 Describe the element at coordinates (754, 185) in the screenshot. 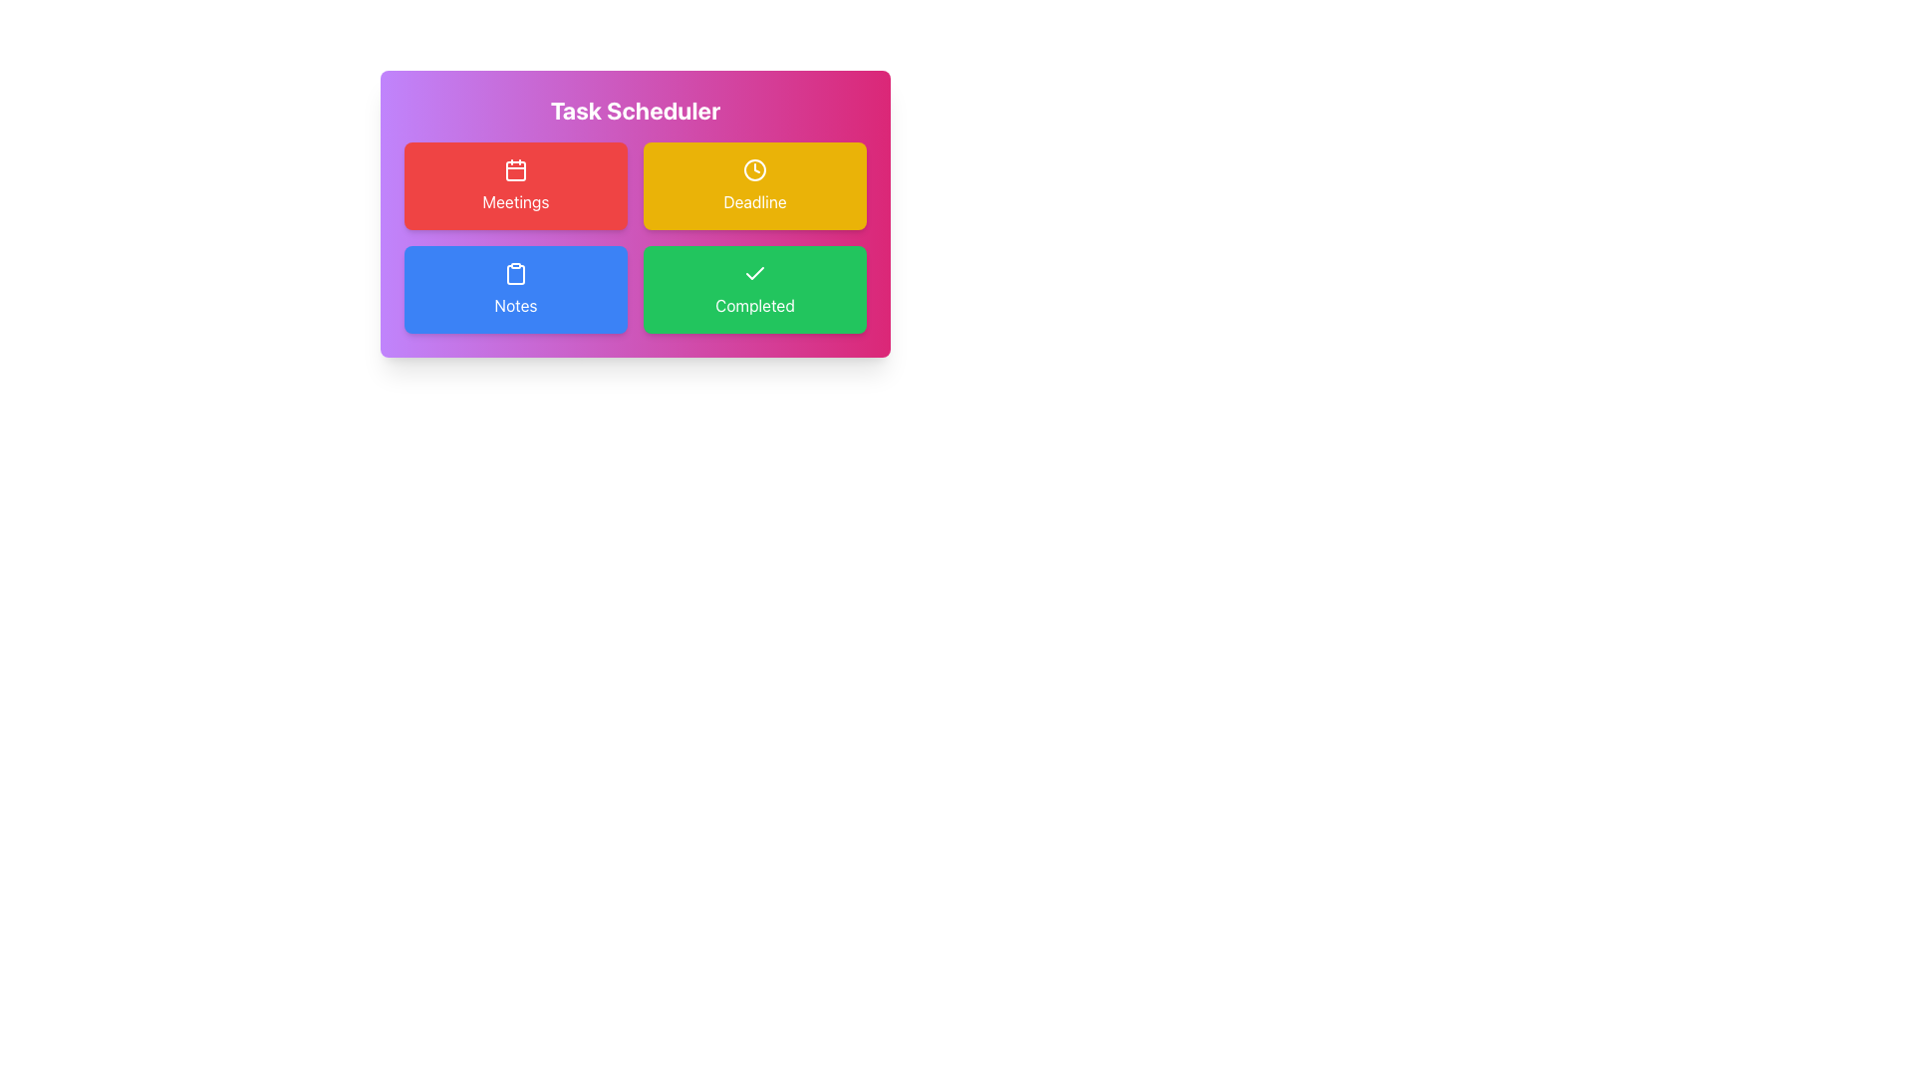

I see `the deadline-related button in the task scheduler application` at that location.